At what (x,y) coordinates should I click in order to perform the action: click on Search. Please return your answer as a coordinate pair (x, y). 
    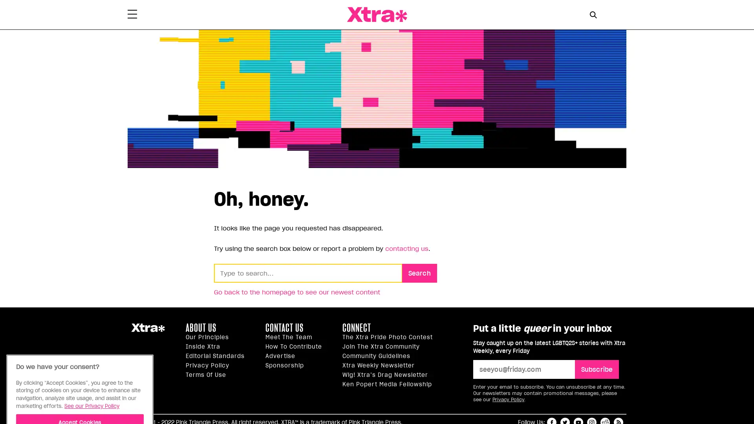
    Looking at the image, I should click on (419, 272).